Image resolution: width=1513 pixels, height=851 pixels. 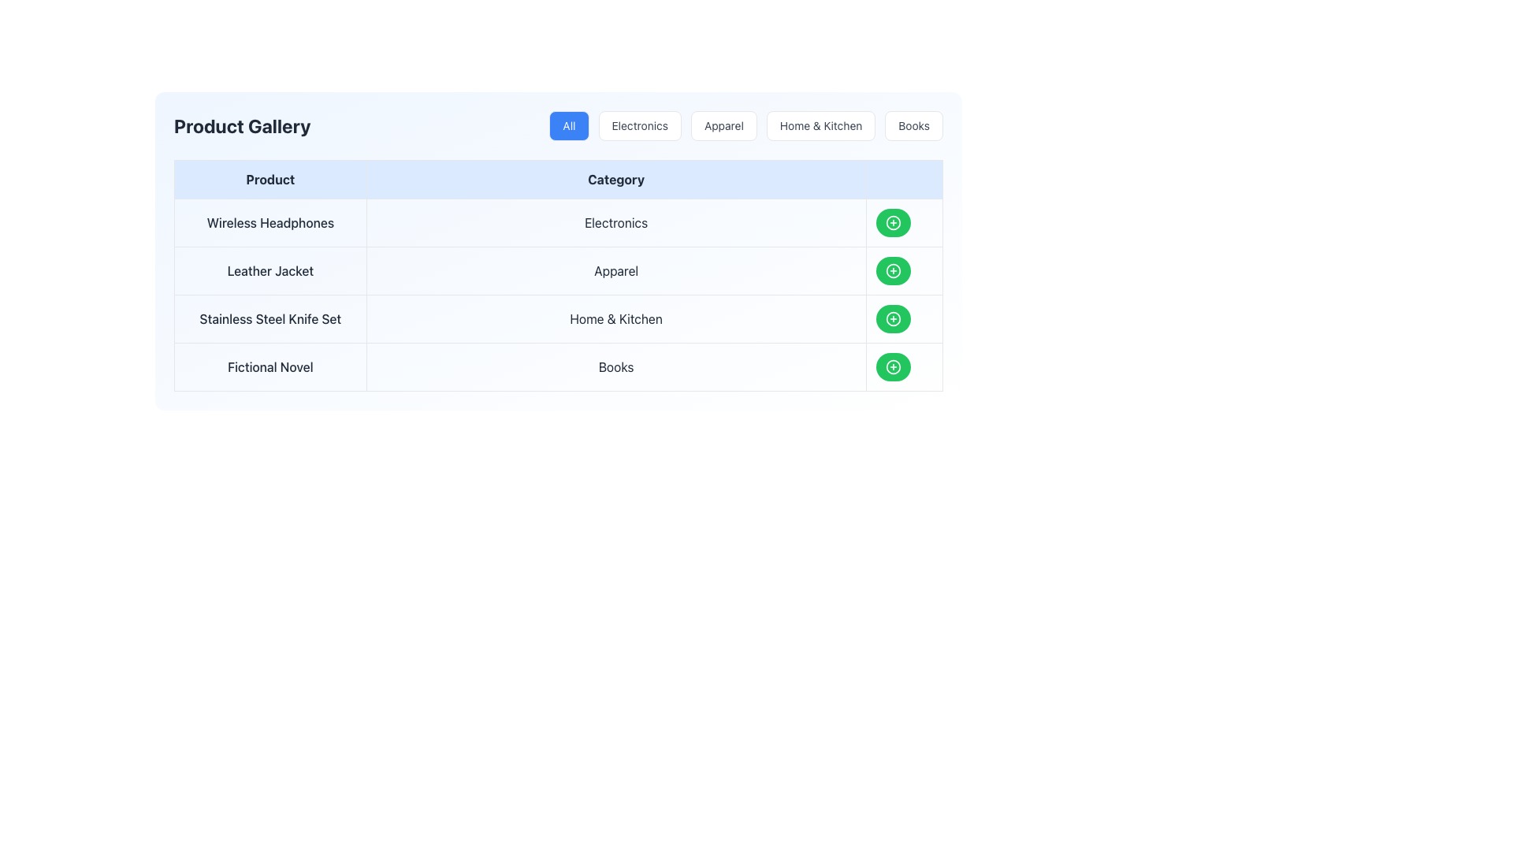 What do you see at coordinates (893, 269) in the screenshot?
I see `the circular green button with a white plus icon located in the last column of the 'Apparel' category row` at bounding box center [893, 269].